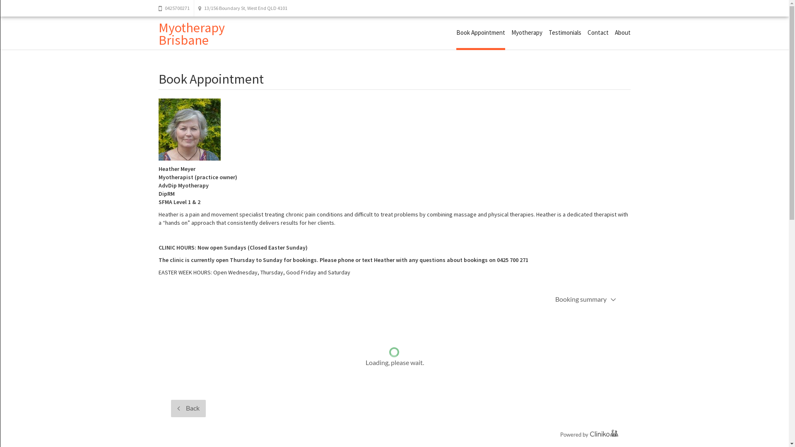  Describe the element at coordinates (510, 32) in the screenshot. I see `'Myotherapy'` at that location.